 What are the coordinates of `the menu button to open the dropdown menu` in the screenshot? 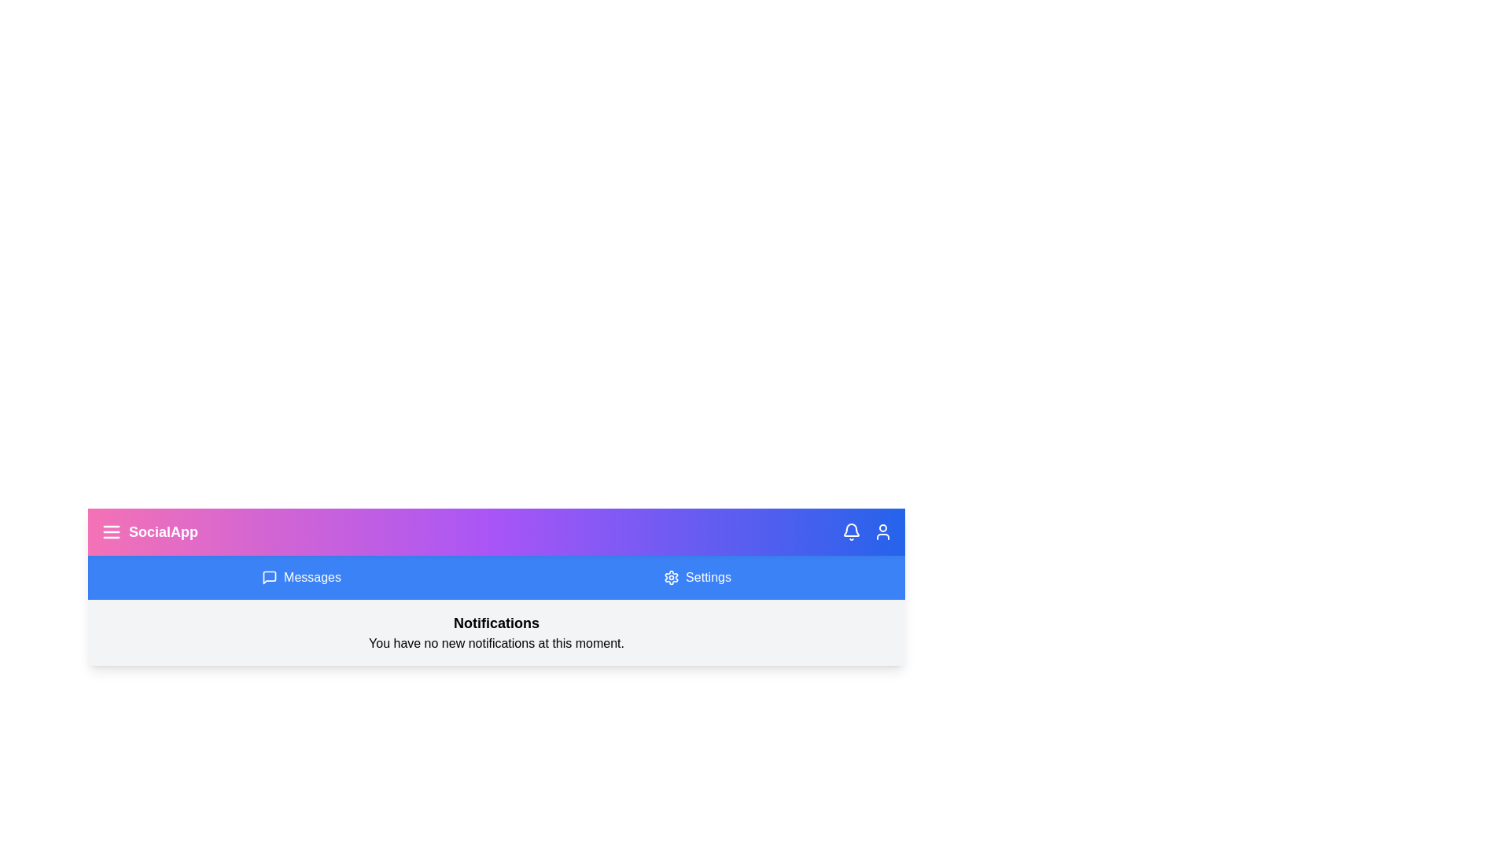 It's located at (111, 531).